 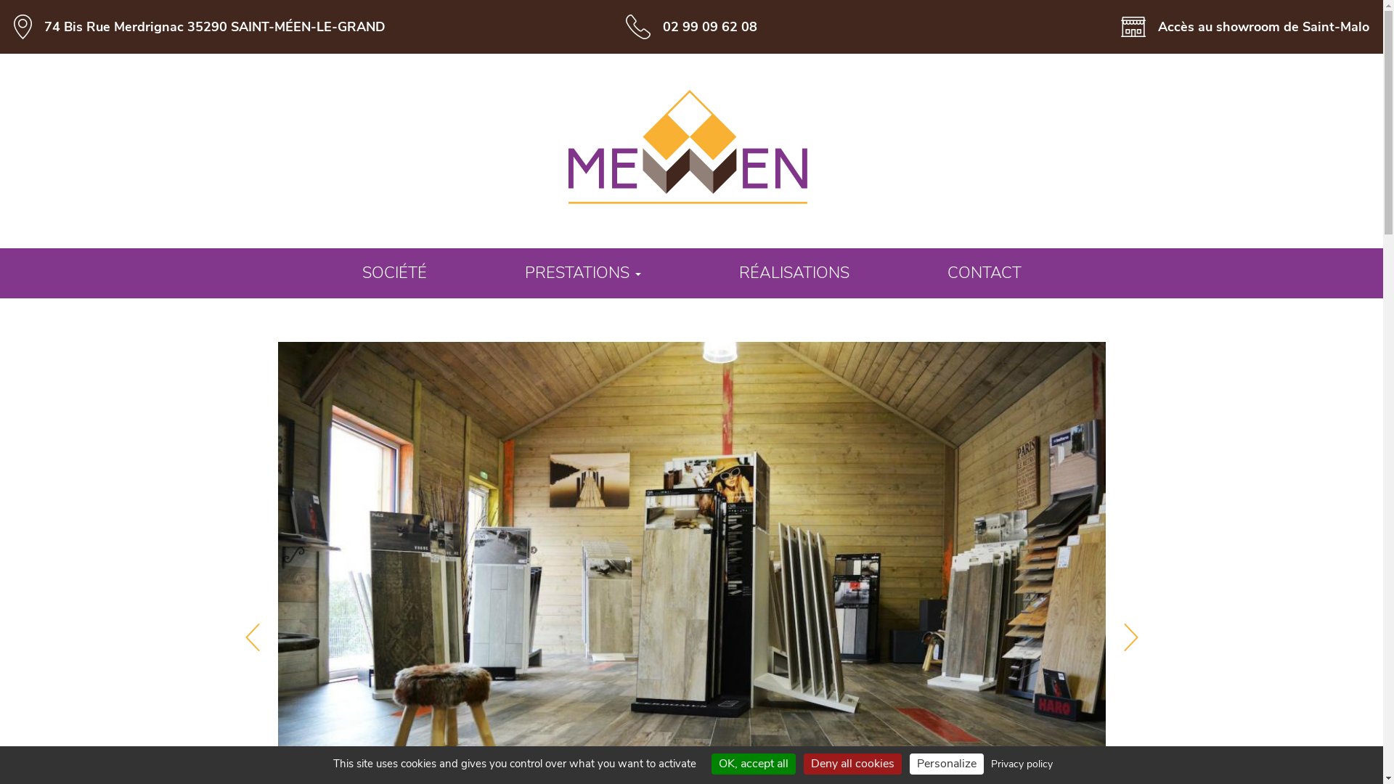 I want to click on 'Privacy policy', so click(x=1021, y=763).